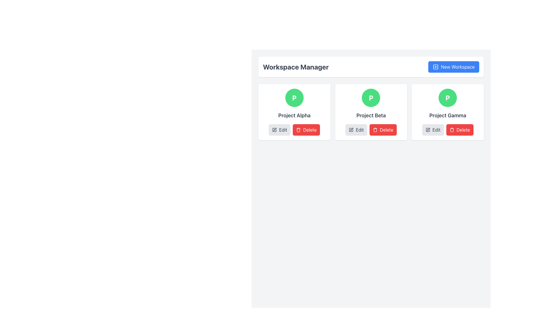 The width and height of the screenshot is (550, 309). What do you see at coordinates (459, 130) in the screenshot?
I see `the delete button located in the bottom right corner of the 'Project Gamma' card to initiate the project deletion process` at bounding box center [459, 130].